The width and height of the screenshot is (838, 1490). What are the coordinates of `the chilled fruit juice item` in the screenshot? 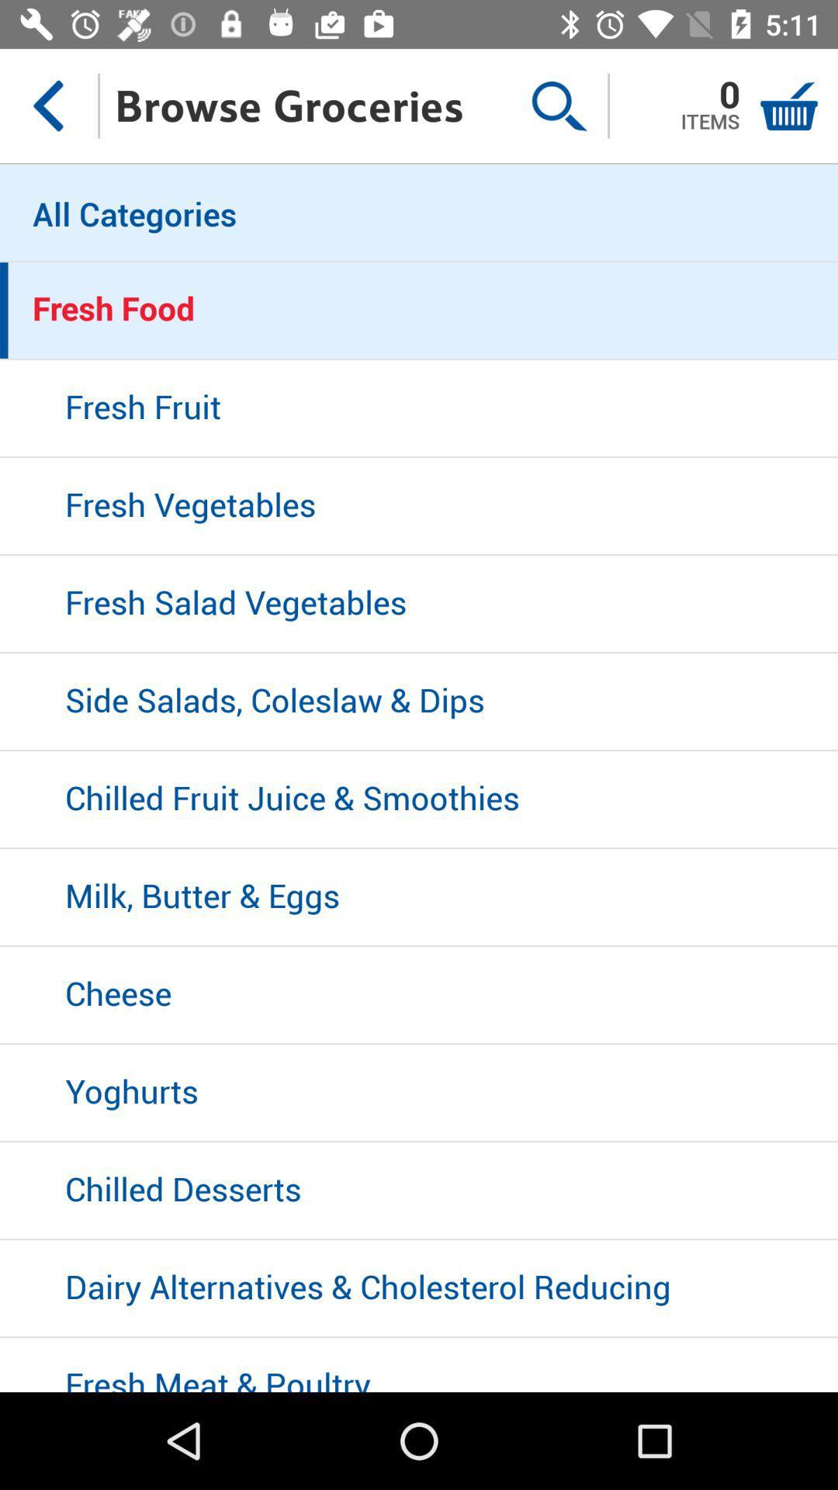 It's located at (419, 800).